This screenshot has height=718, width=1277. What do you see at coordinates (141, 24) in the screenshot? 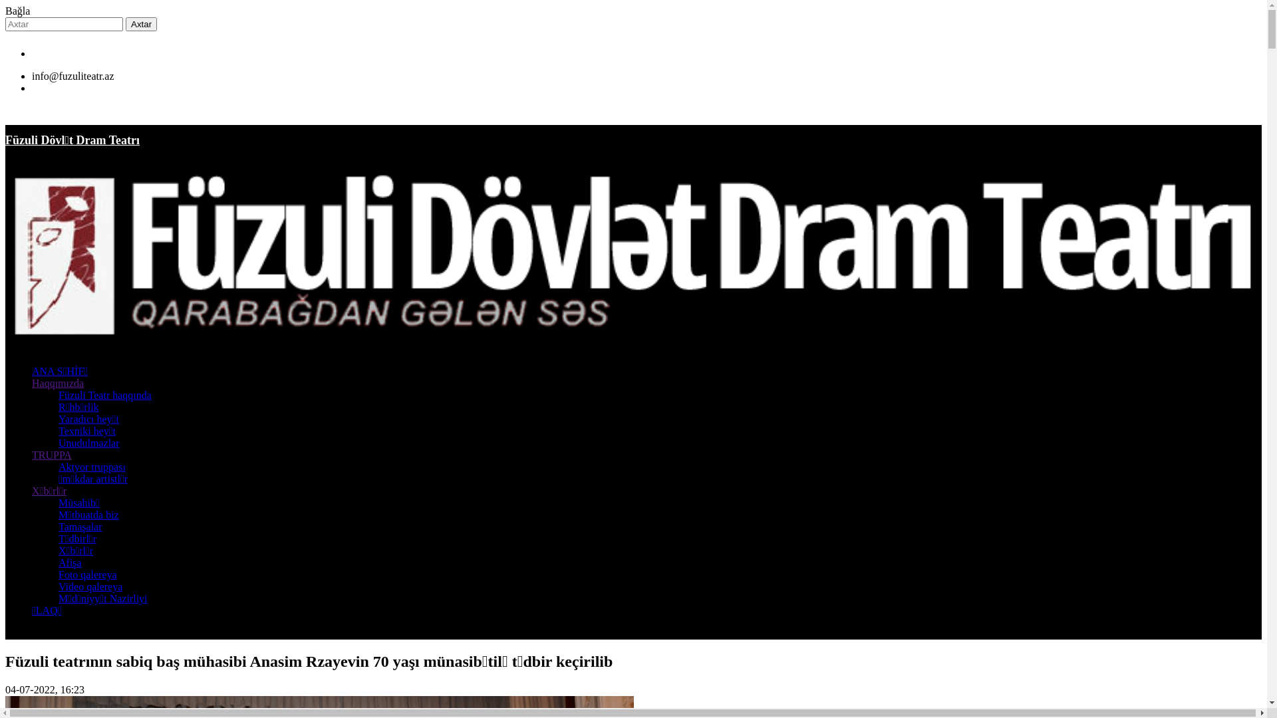
I see `'Axtar'` at bounding box center [141, 24].